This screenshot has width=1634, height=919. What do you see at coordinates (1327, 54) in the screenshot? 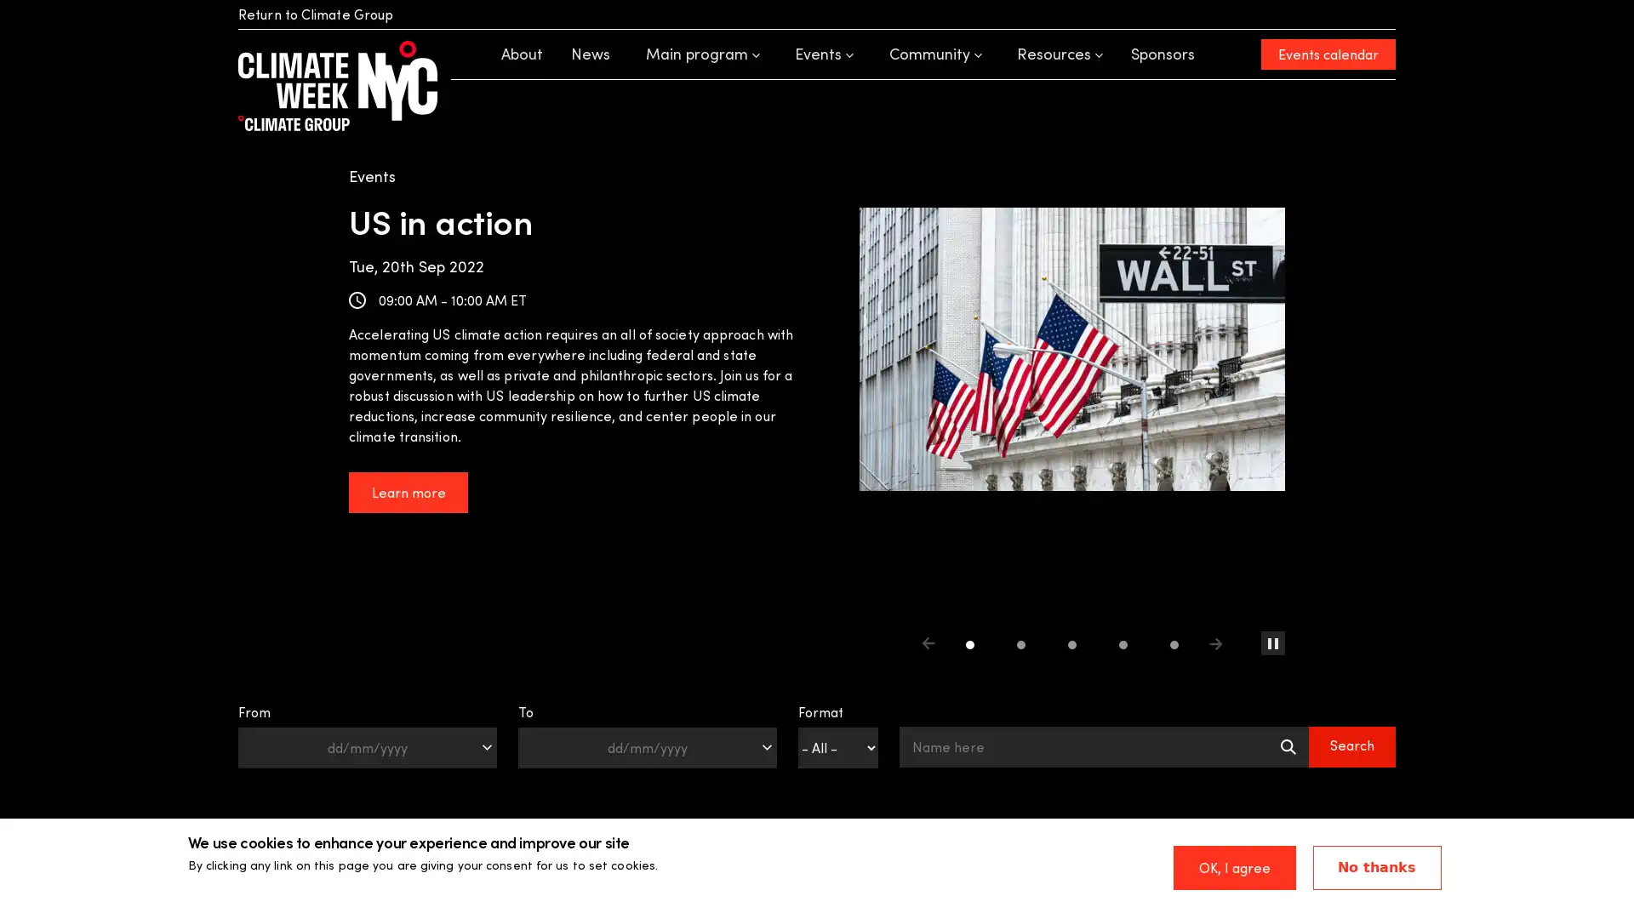
I see `Events calendar` at bounding box center [1327, 54].